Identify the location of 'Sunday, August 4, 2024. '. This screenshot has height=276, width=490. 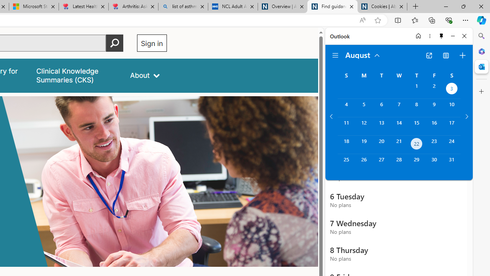
(346, 108).